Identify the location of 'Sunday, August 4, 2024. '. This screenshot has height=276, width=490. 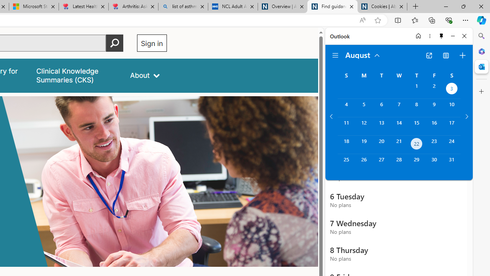
(346, 108).